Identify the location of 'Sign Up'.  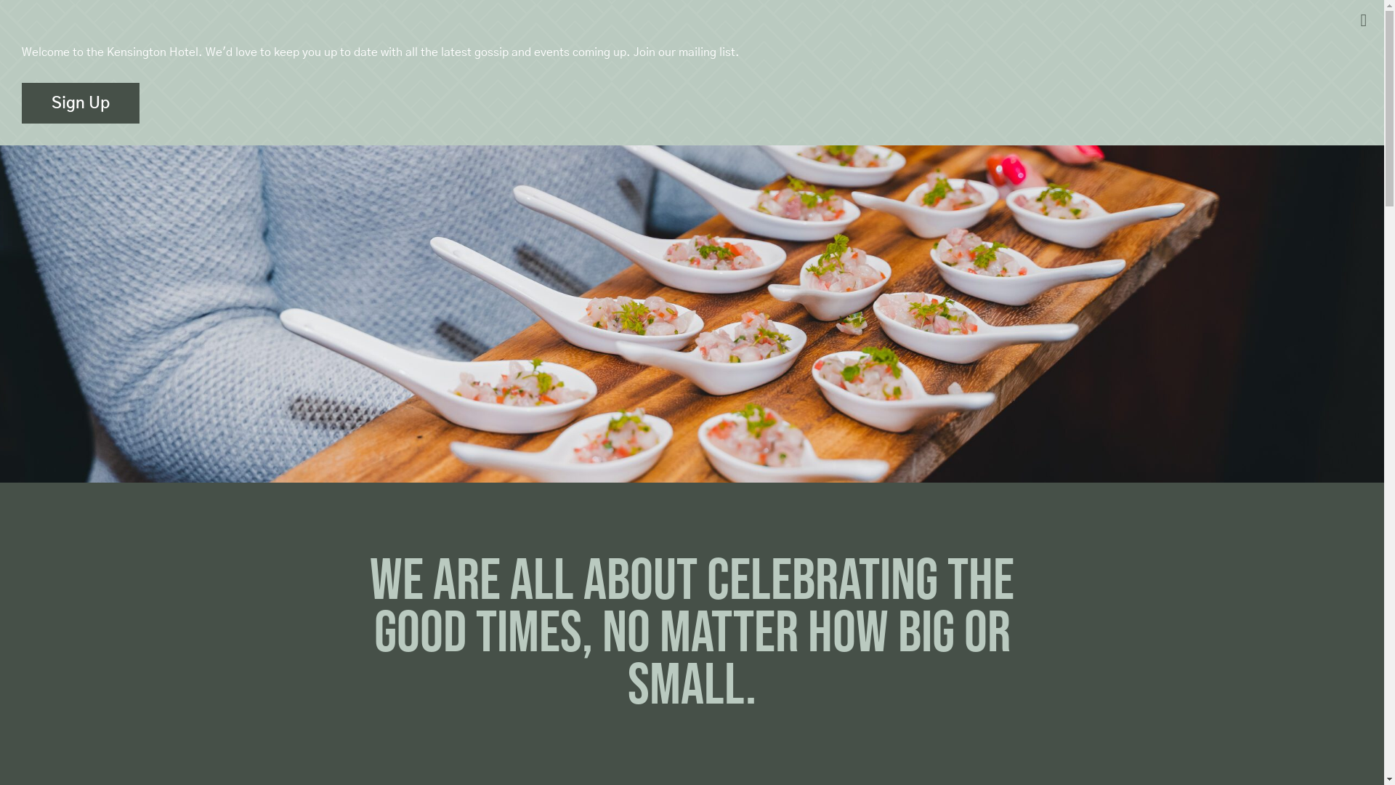
(79, 102).